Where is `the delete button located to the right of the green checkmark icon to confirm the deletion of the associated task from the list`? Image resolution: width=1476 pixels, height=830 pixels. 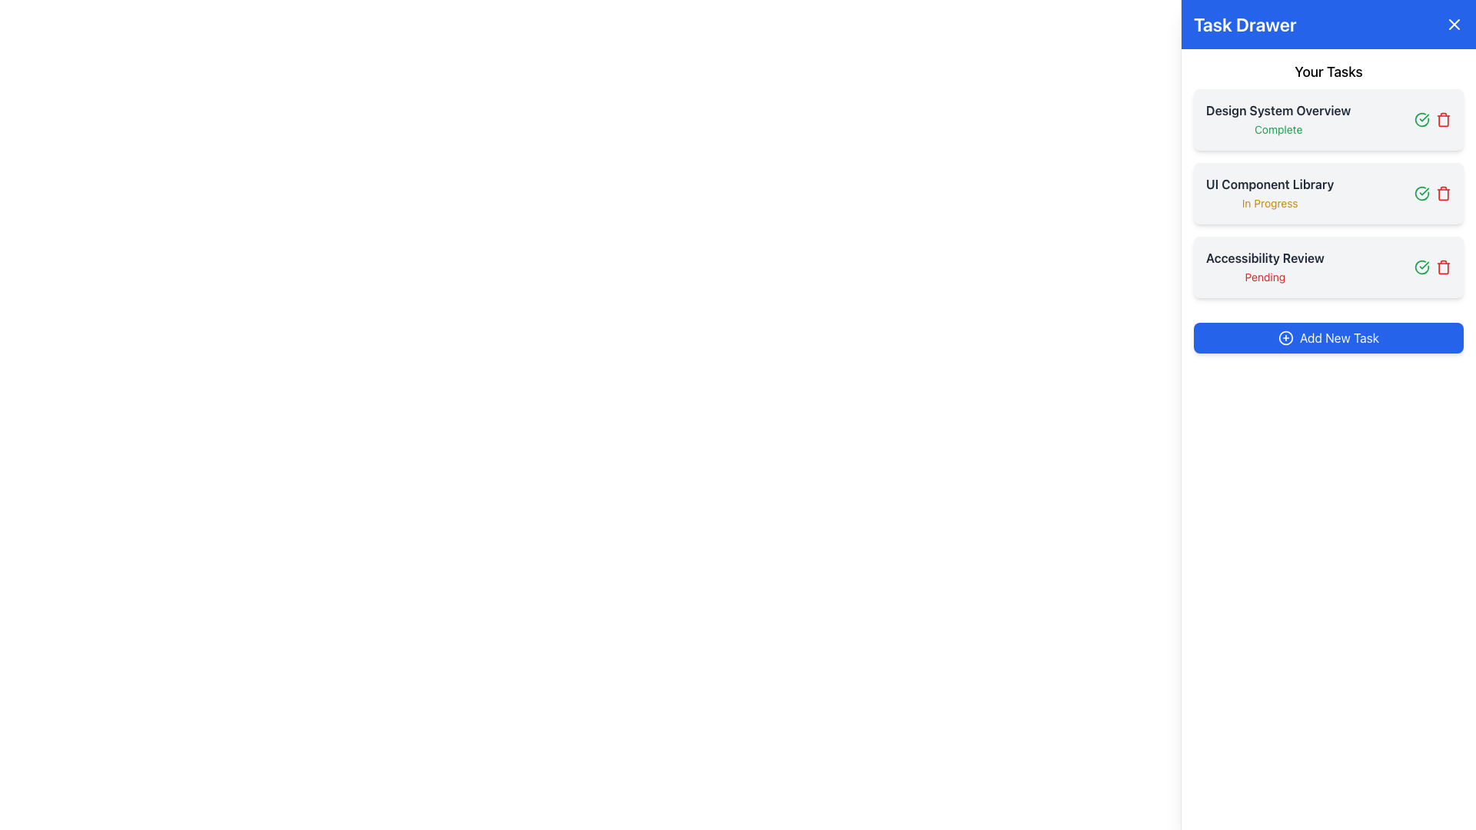
the delete button located to the right of the green checkmark icon to confirm the deletion of the associated task from the list is located at coordinates (1442, 192).